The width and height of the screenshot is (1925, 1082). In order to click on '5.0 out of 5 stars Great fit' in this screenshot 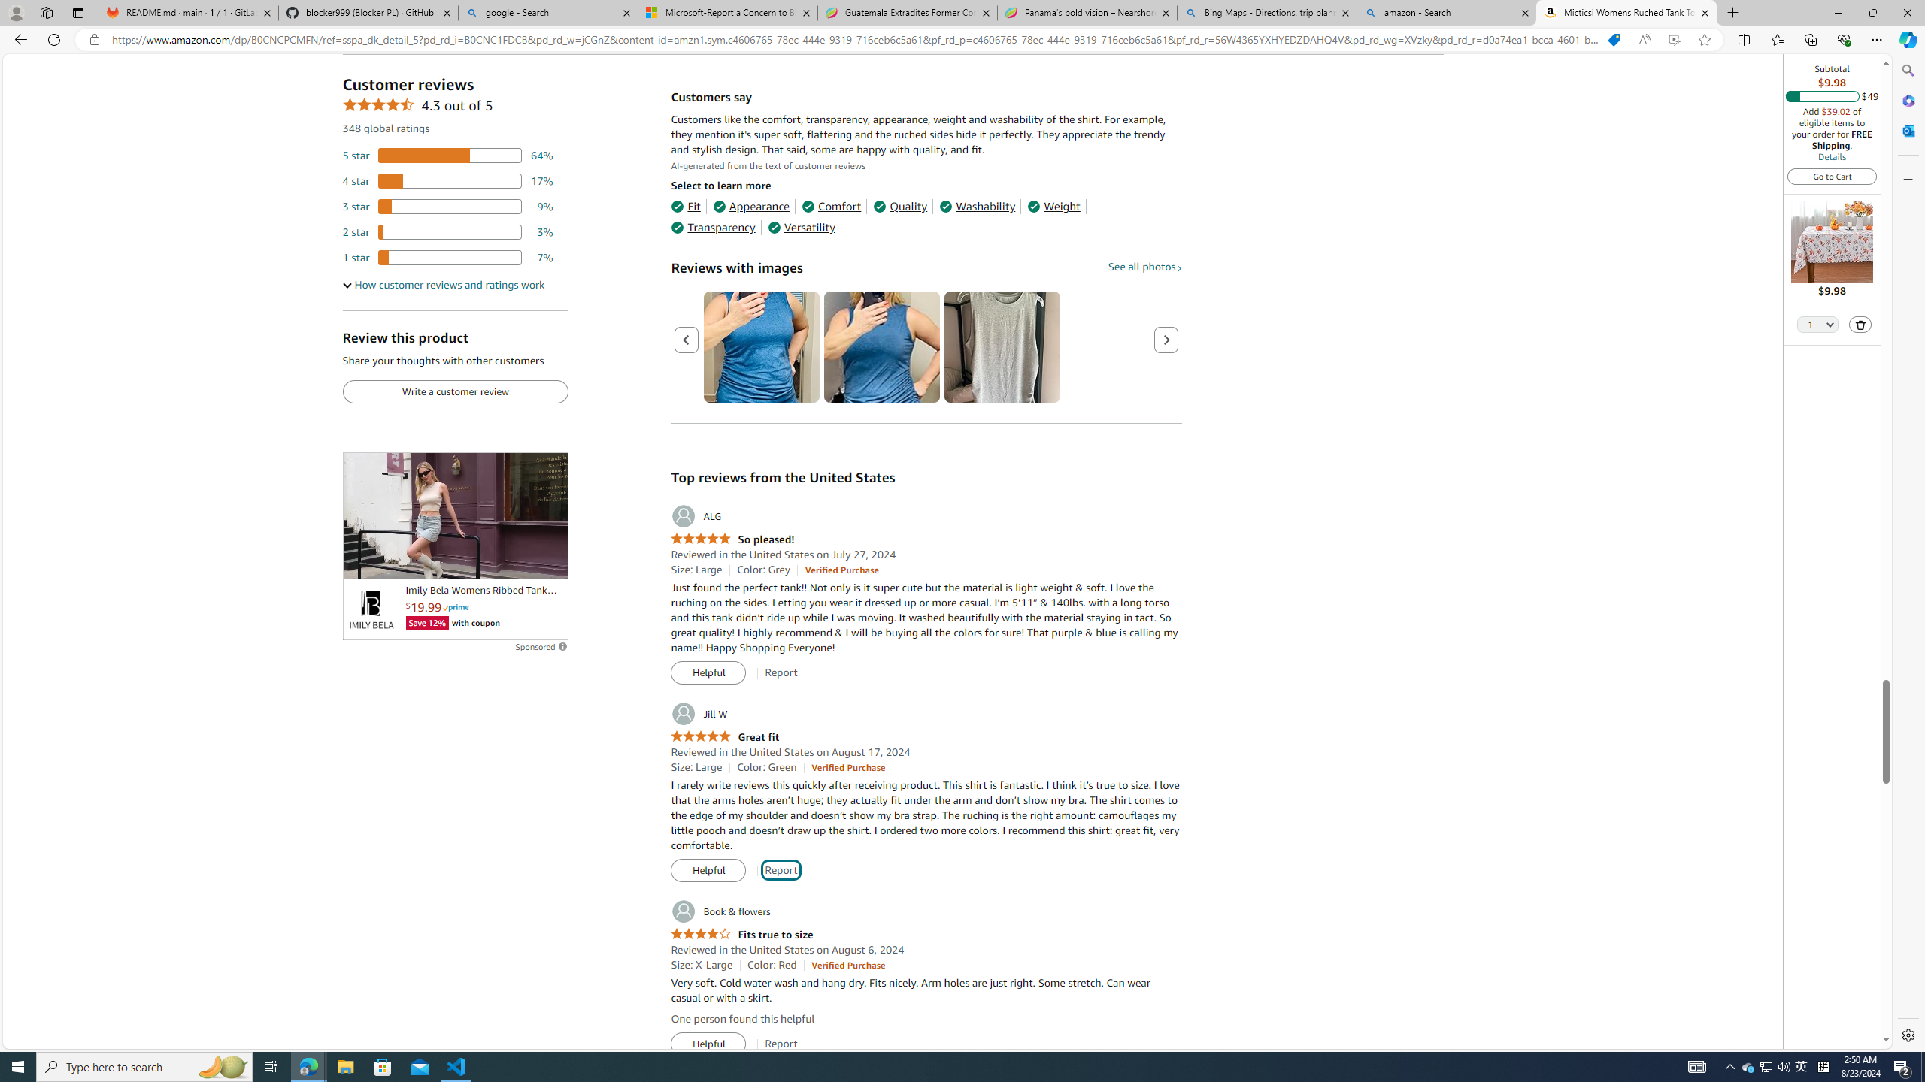, I will do `click(723, 736)`.